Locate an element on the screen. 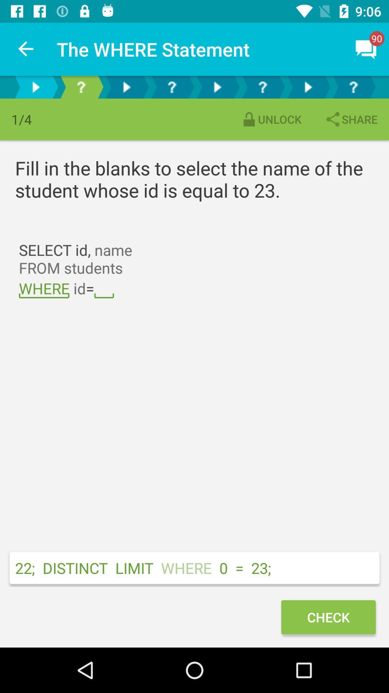 The width and height of the screenshot is (389, 693). the check icon is located at coordinates (328, 616).